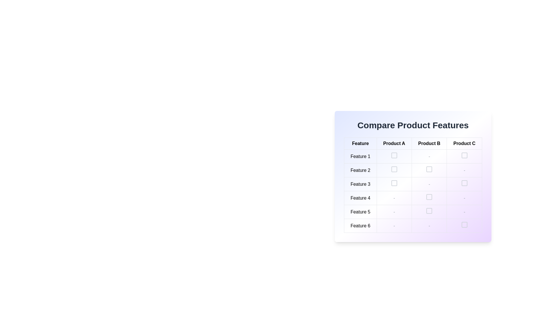 The width and height of the screenshot is (555, 312). Describe the element at coordinates (429, 170) in the screenshot. I see `the Box placeholder for 'Feature 2' of 'Product B' in the 'Compare Product Features' table, which is positioned in the second row under the 'Product B' column` at that location.